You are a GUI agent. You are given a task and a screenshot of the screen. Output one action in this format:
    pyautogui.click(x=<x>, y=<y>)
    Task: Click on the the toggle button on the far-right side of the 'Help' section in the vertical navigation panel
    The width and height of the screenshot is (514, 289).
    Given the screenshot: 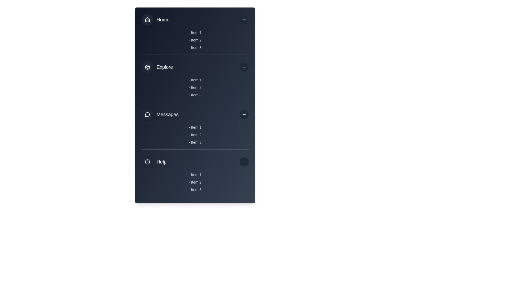 What is the action you would take?
    pyautogui.click(x=244, y=162)
    